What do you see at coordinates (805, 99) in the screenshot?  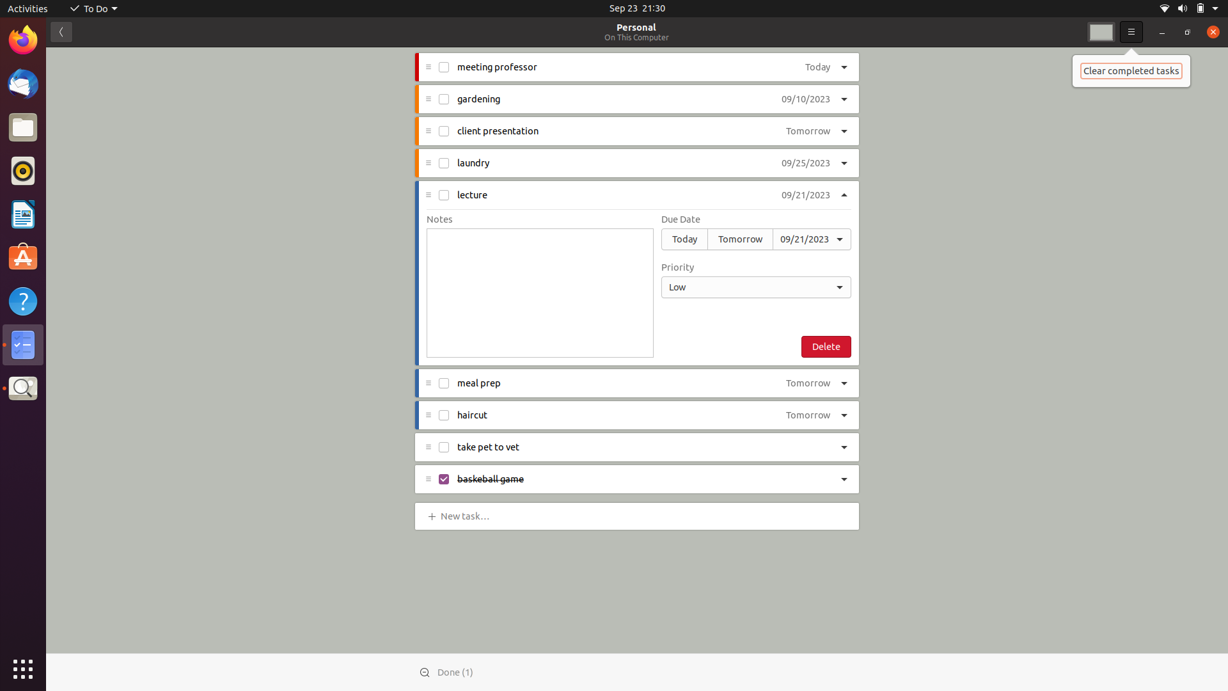 I see `Move the "gardening" event to the following week` at bounding box center [805, 99].